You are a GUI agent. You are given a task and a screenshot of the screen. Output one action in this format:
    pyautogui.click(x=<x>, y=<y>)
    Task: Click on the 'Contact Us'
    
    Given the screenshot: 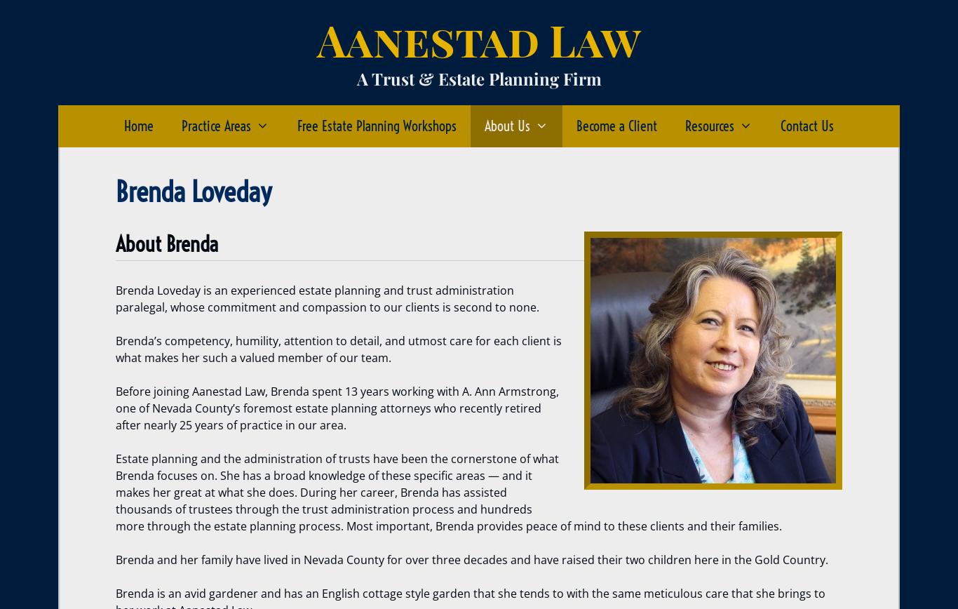 What is the action you would take?
    pyautogui.click(x=807, y=126)
    